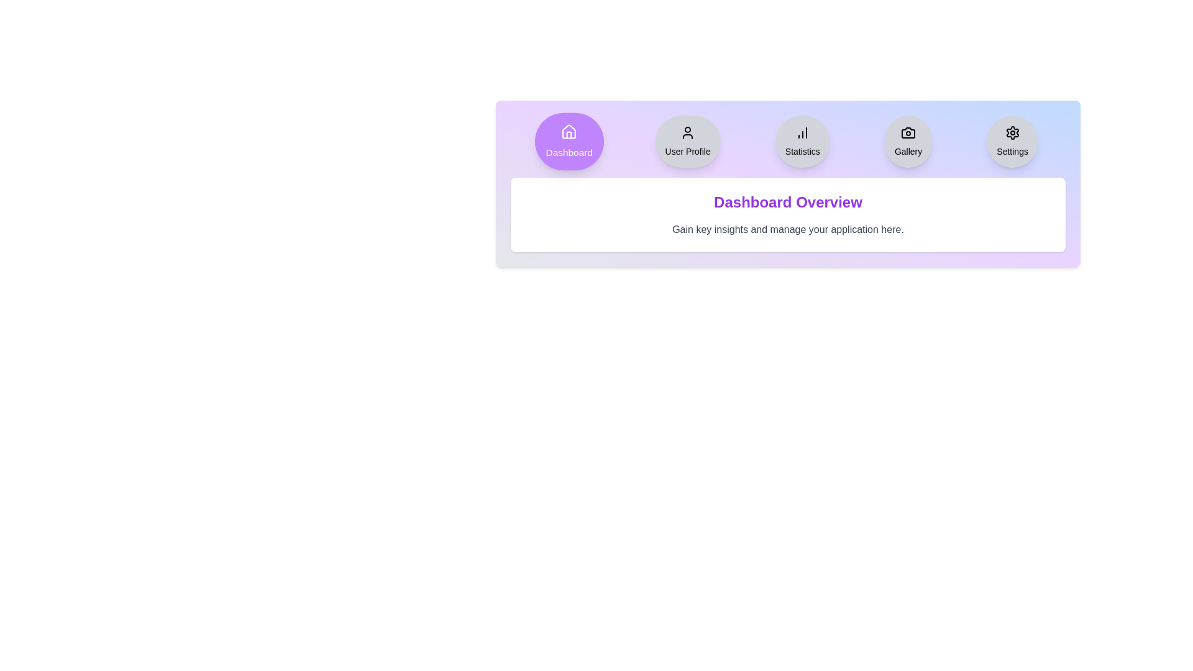  Describe the element at coordinates (908, 132) in the screenshot. I see `the 'Gallery' icon, which is the fourth circular button from the left in the top navigation bar` at that location.